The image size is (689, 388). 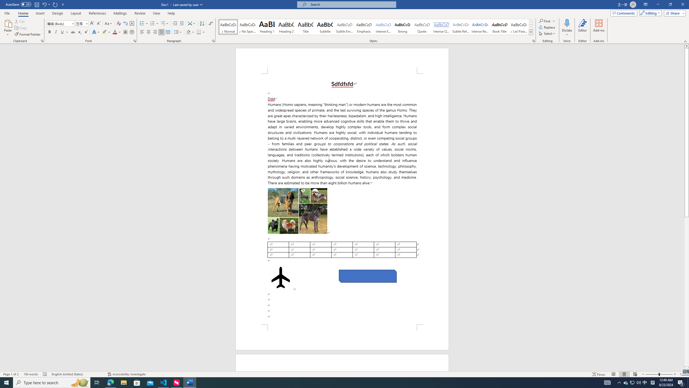 What do you see at coordinates (73, 32) in the screenshot?
I see `'Strikethrough'` at bounding box center [73, 32].